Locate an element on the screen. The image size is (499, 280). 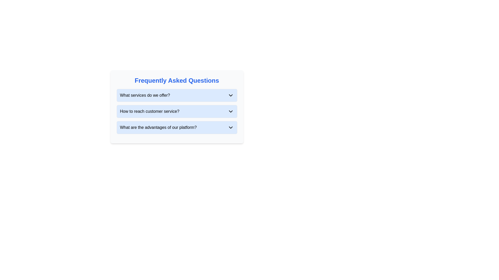
the text element displaying 'How to reach customer service?' which is styled in bold with a dark font and is centered within a light blue background, located in the second question section of the FAQ layout is located at coordinates (149, 111).